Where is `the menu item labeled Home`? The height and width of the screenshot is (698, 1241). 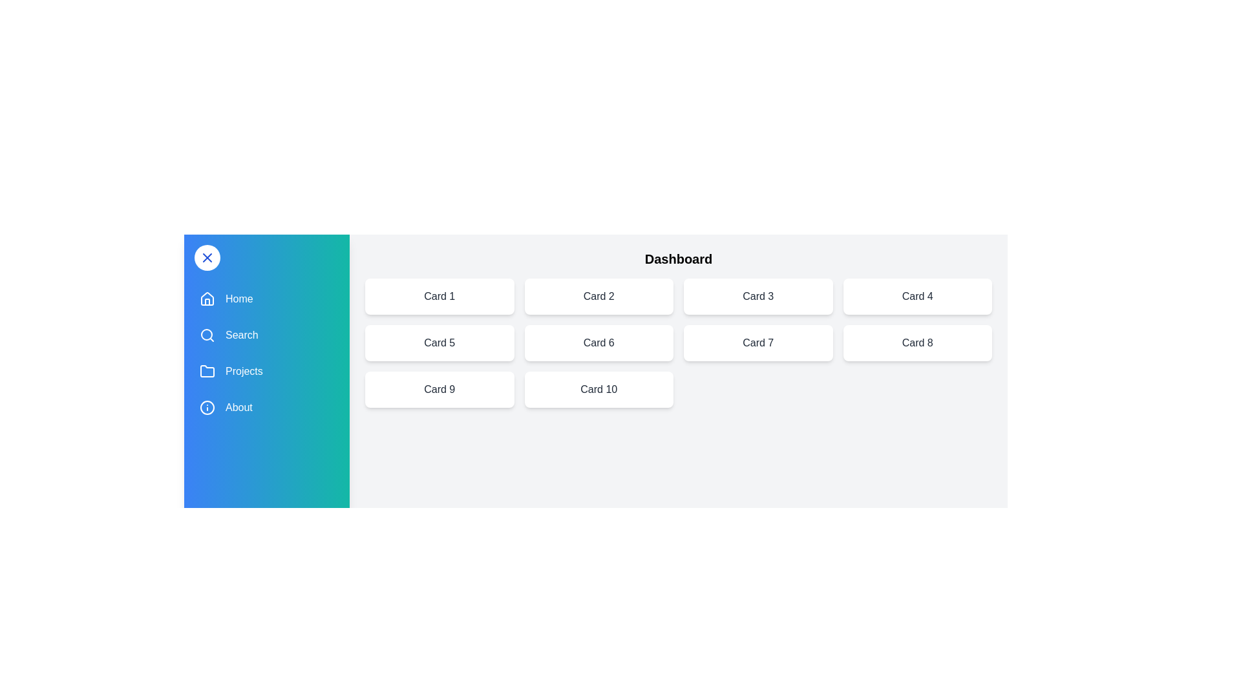
the menu item labeled Home is located at coordinates (266, 299).